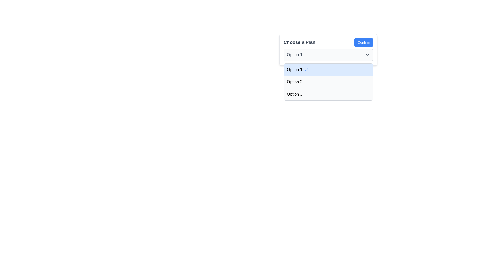 The height and width of the screenshot is (276, 491). Describe the element at coordinates (328, 82) in the screenshot. I see `the menu item labeled 'Option 2'` at that location.